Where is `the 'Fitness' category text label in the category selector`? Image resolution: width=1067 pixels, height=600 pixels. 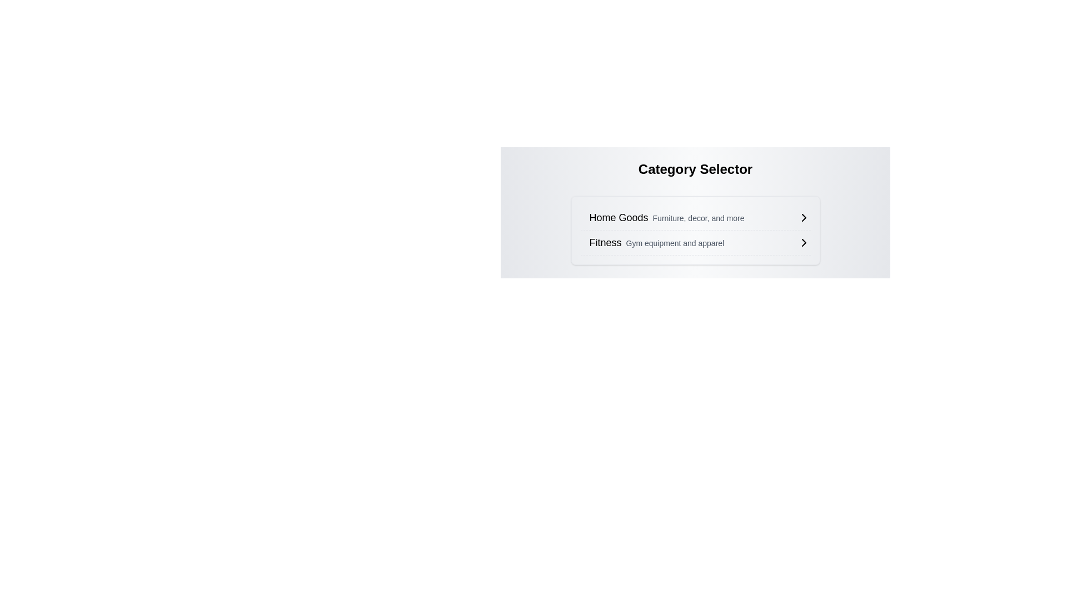 the 'Fitness' category text label in the category selector is located at coordinates (656, 242).